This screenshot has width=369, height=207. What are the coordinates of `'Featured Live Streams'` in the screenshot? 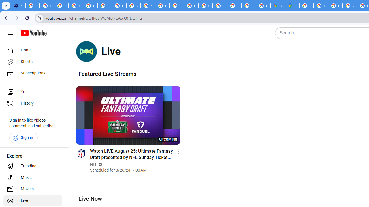 It's located at (107, 74).